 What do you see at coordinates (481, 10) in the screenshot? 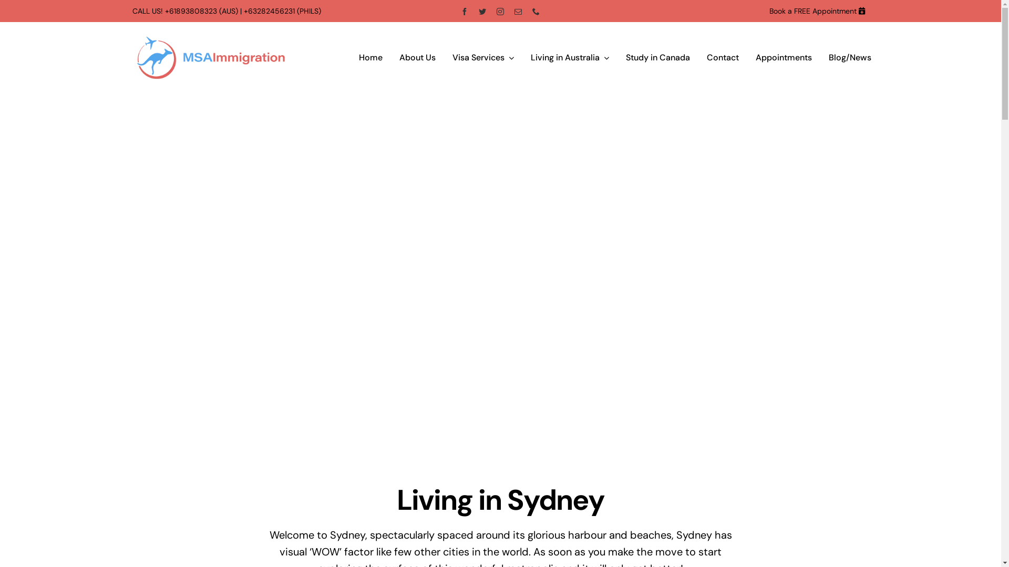
I see `'Twitter'` at bounding box center [481, 10].